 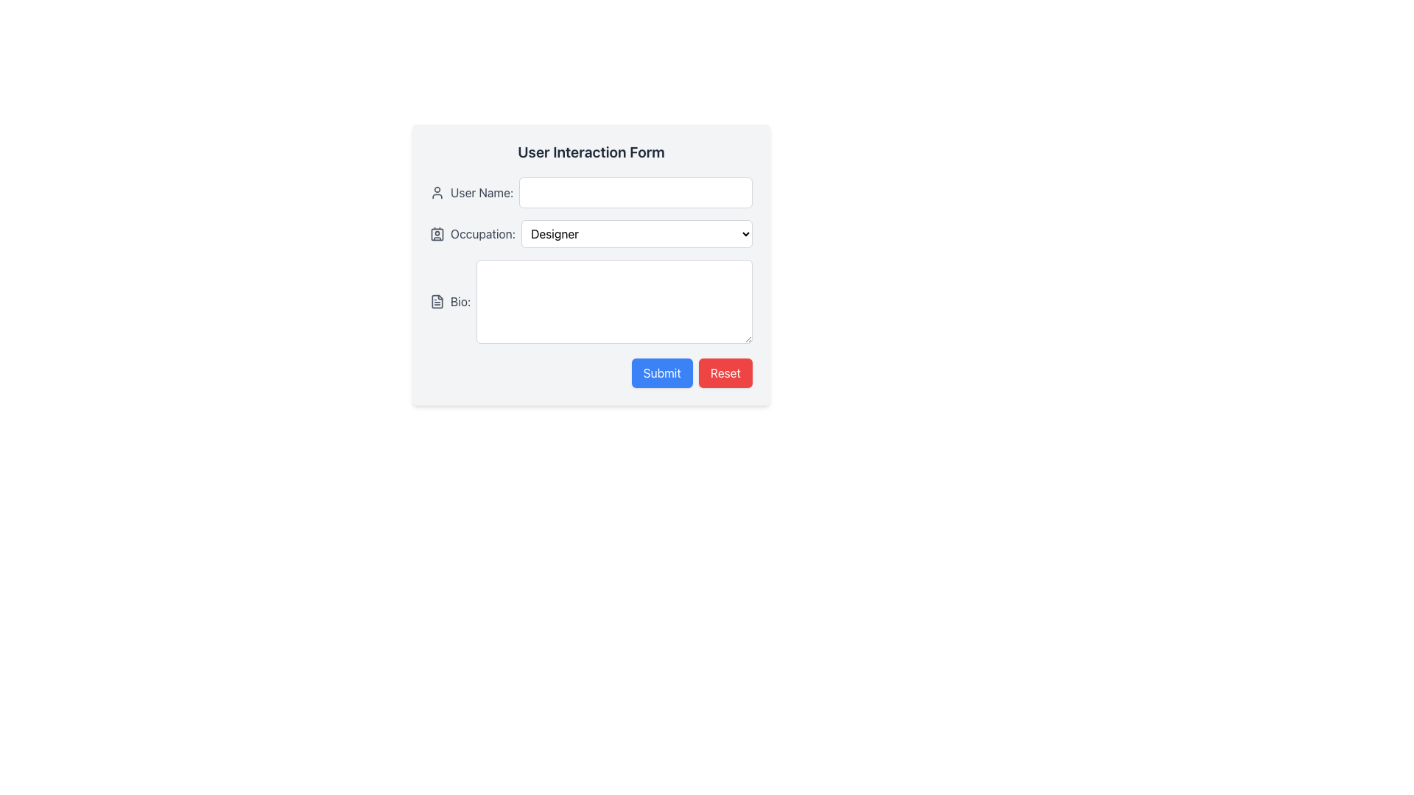 I want to click on the text header element labeled 'User Interaction Form', which is styled in large, bold, dark gray font on a light-gray background and is centrally aligned at the top of the form, so click(x=591, y=152).